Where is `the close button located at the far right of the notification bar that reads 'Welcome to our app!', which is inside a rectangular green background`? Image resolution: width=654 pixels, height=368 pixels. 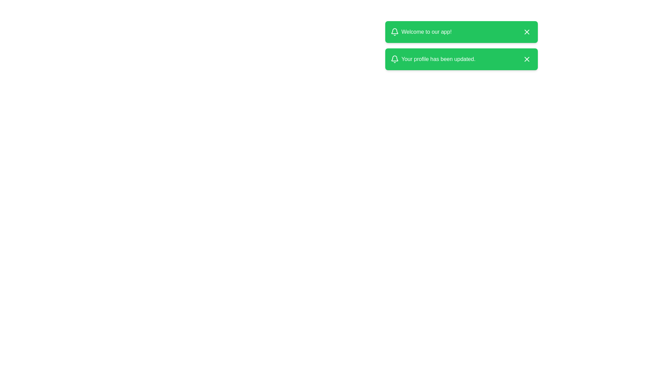 the close button located at the far right of the notification bar that reads 'Welcome to our app!', which is inside a rectangular green background is located at coordinates (526, 32).